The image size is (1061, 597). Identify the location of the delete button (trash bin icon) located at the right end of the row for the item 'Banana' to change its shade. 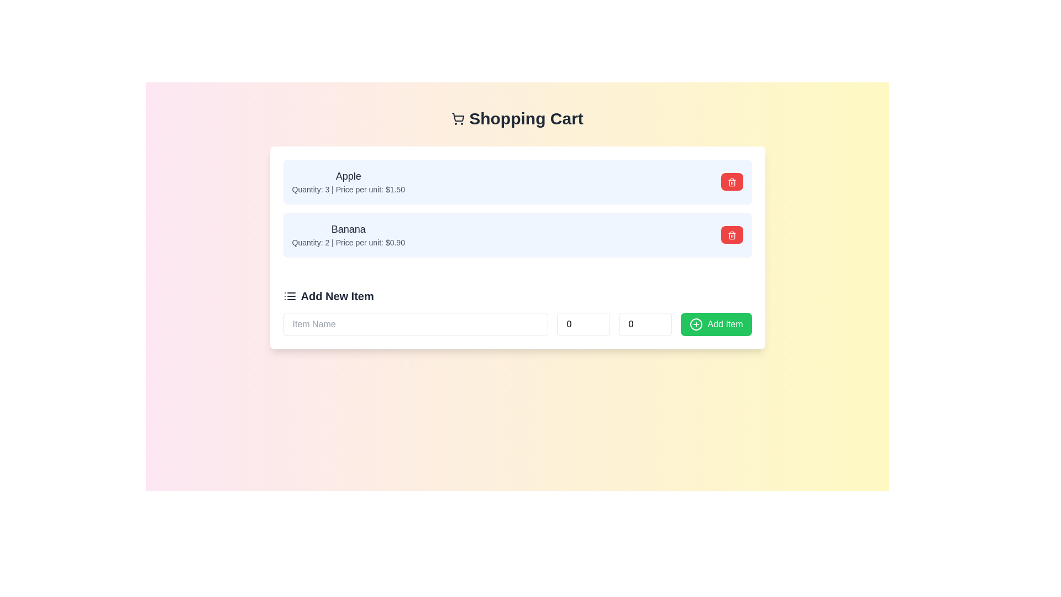
(732, 234).